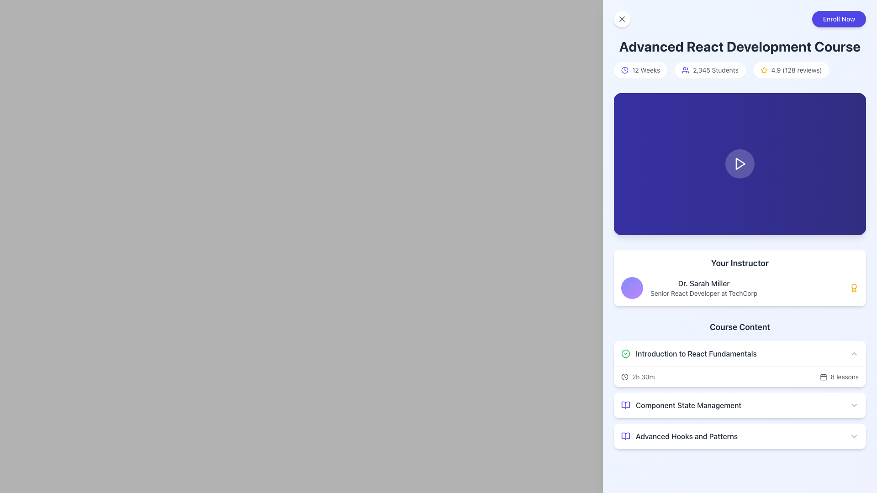 This screenshot has width=877, height=493. What do you see at coordinates (625, 353) in the screenshot?
I see `the green outlined circular icon with a checkmark symbol, indicating completion, located next to the text 'Introduction to React Fundamentals'` at bounding box center [625, 353].